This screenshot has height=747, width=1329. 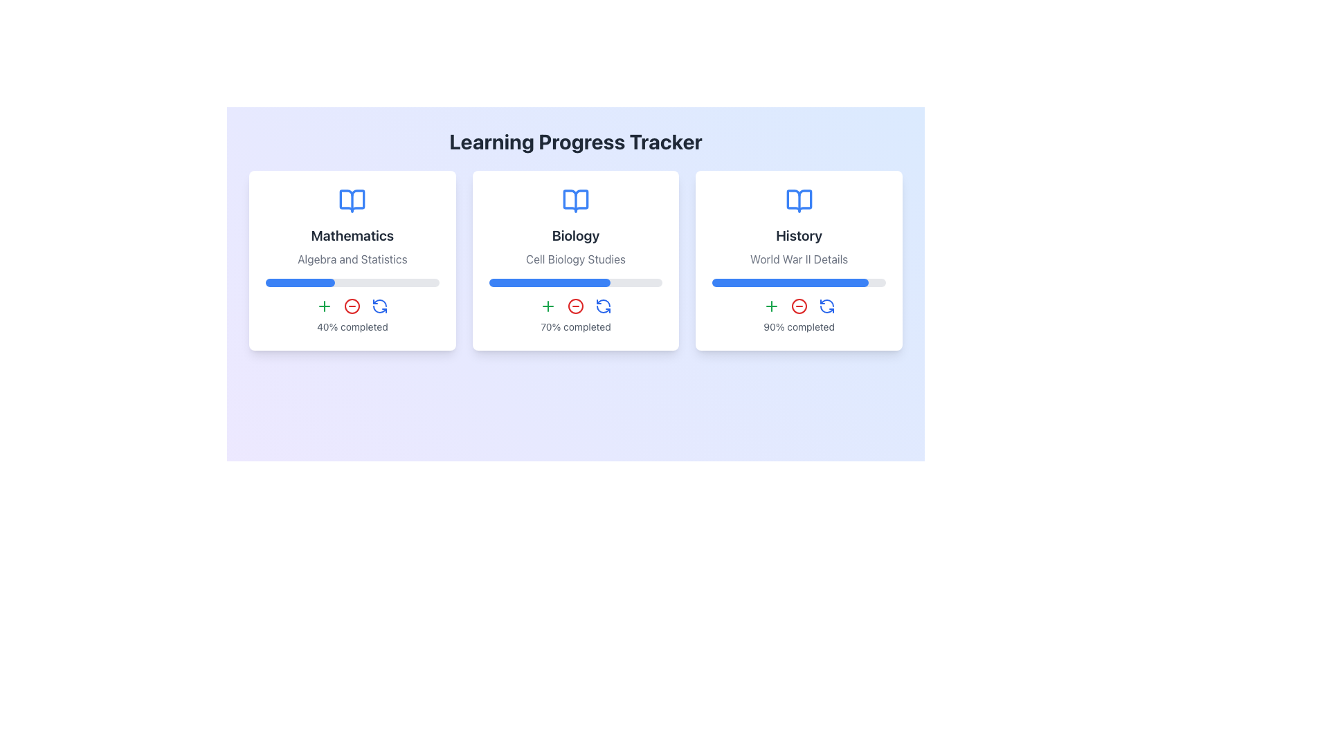 What do you see at coordinates (799, 259) in the screenshot?
I see `the text label displaying 'World War II Details' located within the 'History' card, positioned below the title 'History'` at bounding box center [799, 259].